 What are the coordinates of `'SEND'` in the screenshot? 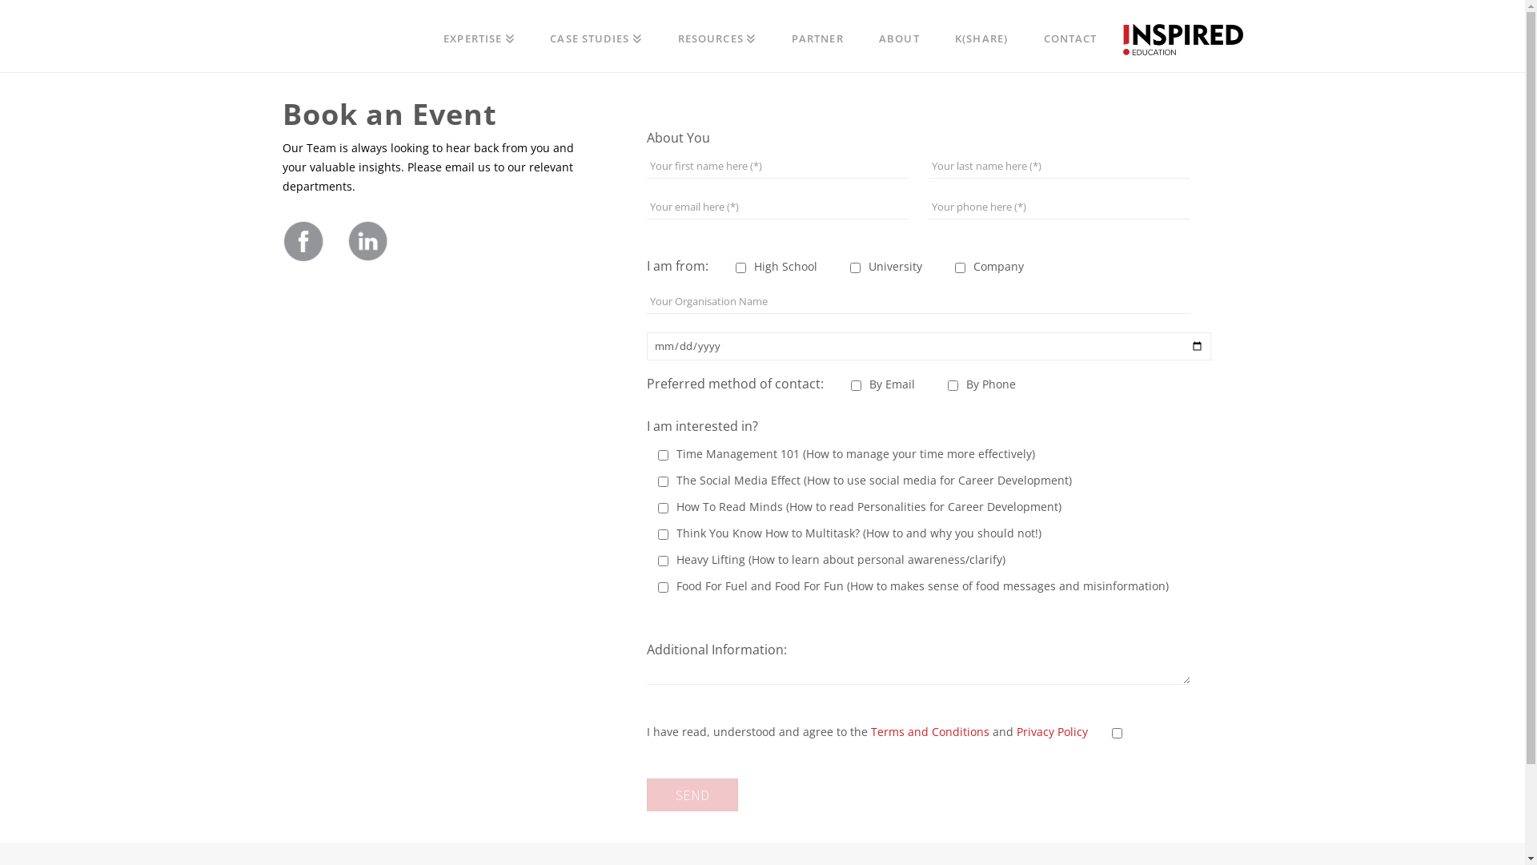 It's located at (692, 795).